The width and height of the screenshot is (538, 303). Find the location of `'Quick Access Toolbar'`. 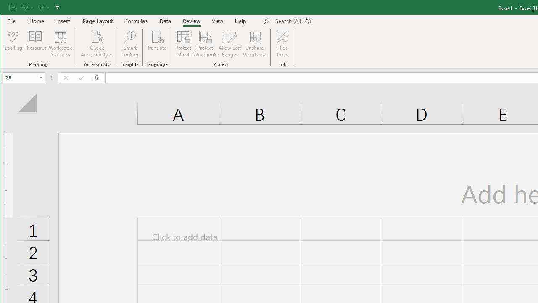

'Quick Access Toolbar' is located at coordinates (34, 8).